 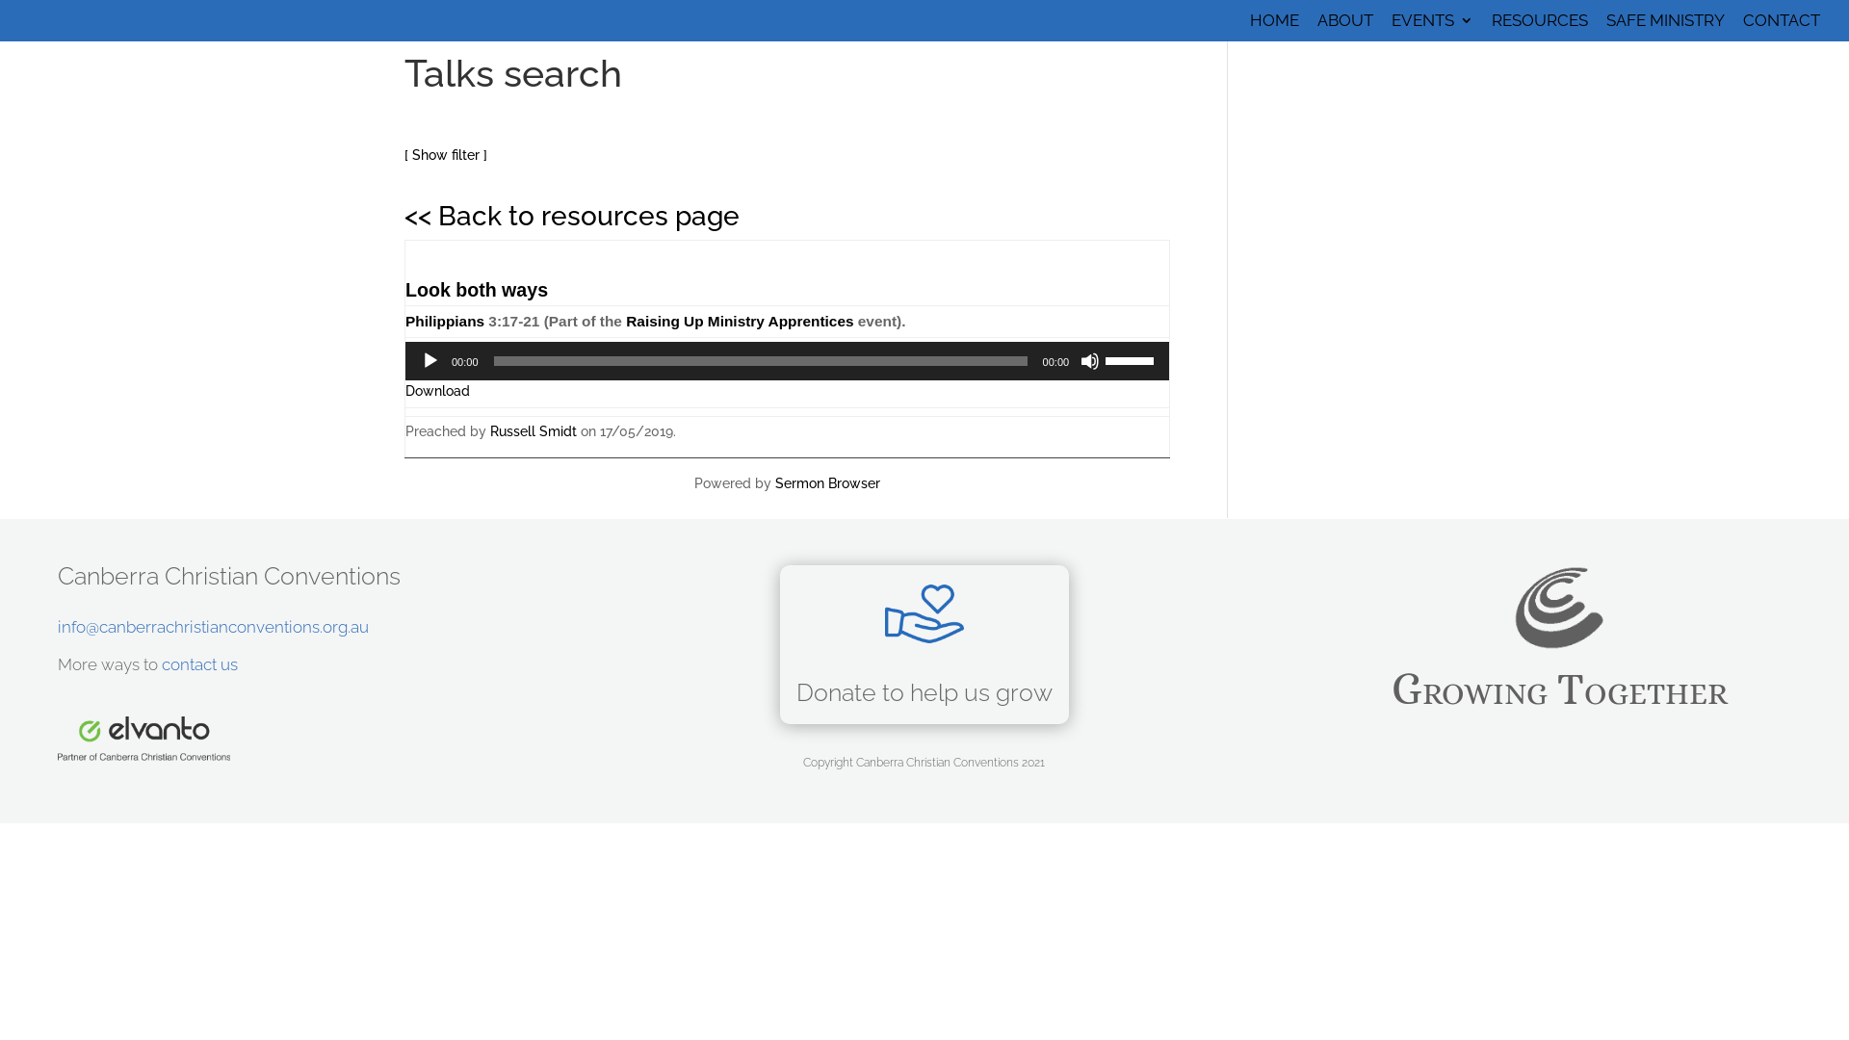 What do you see at coordinates (1090, 360) in the screenshot?
I see `'Mute'` at bounding box center [1090, 360].